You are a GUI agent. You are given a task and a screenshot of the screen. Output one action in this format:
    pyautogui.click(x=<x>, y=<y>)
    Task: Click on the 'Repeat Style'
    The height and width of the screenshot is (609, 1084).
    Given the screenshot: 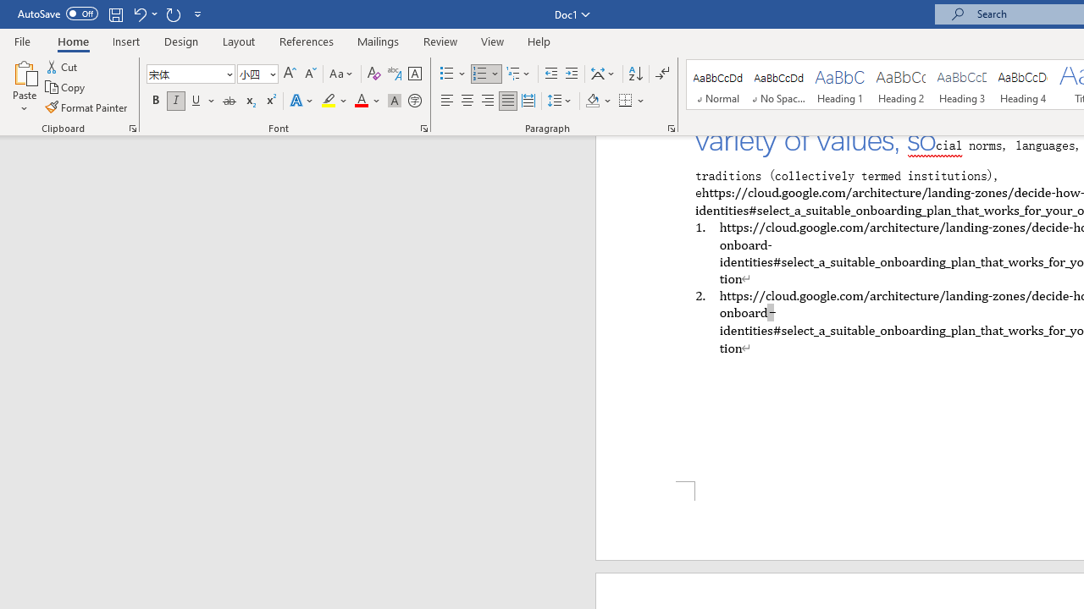 What is the action you would take?
    pyautogui.click(x=173, y=14)
    